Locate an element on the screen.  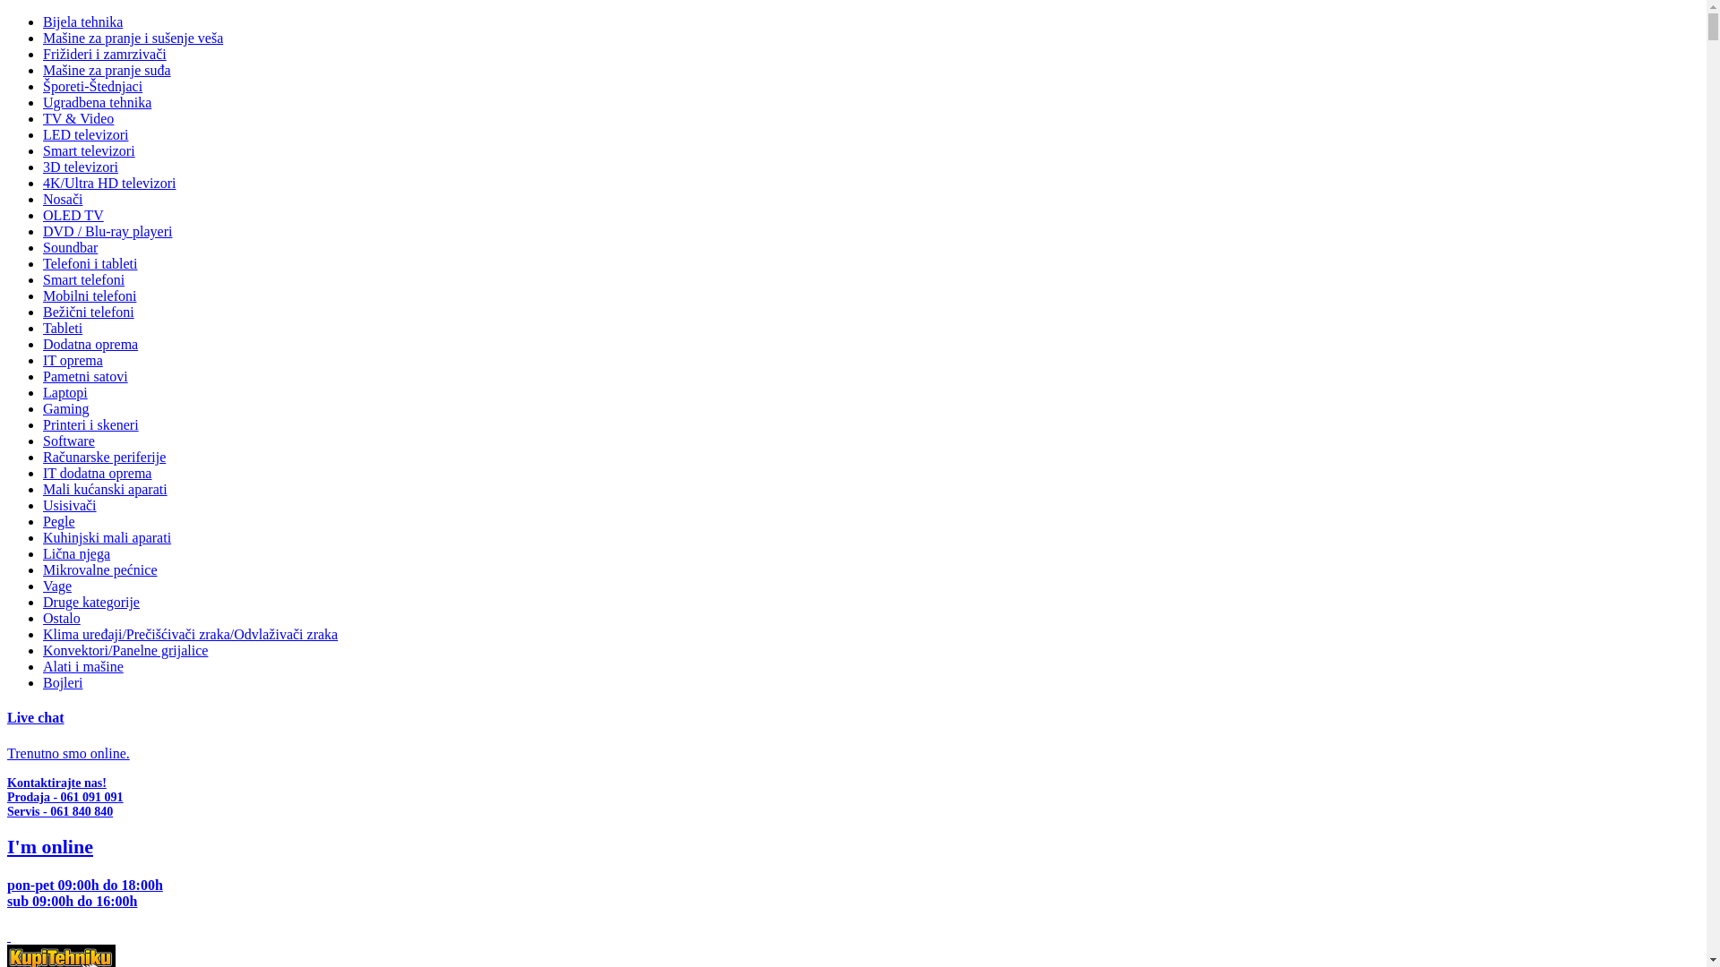
'LED televizori' is located at coordinates (85, 133).